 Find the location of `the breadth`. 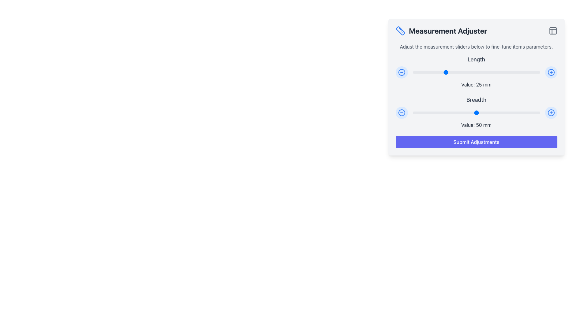

the breadth is located at coordinates (523, 113).